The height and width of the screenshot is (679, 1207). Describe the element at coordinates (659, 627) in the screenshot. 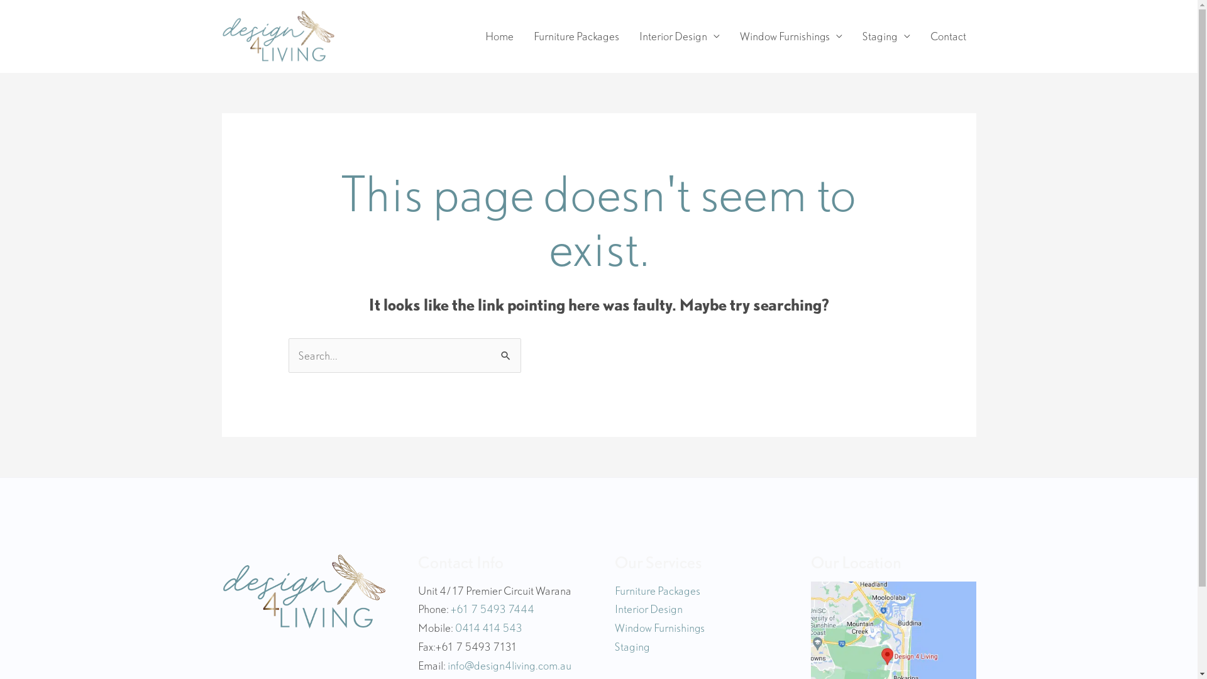

I see `'Window Furnishings'` at that location.